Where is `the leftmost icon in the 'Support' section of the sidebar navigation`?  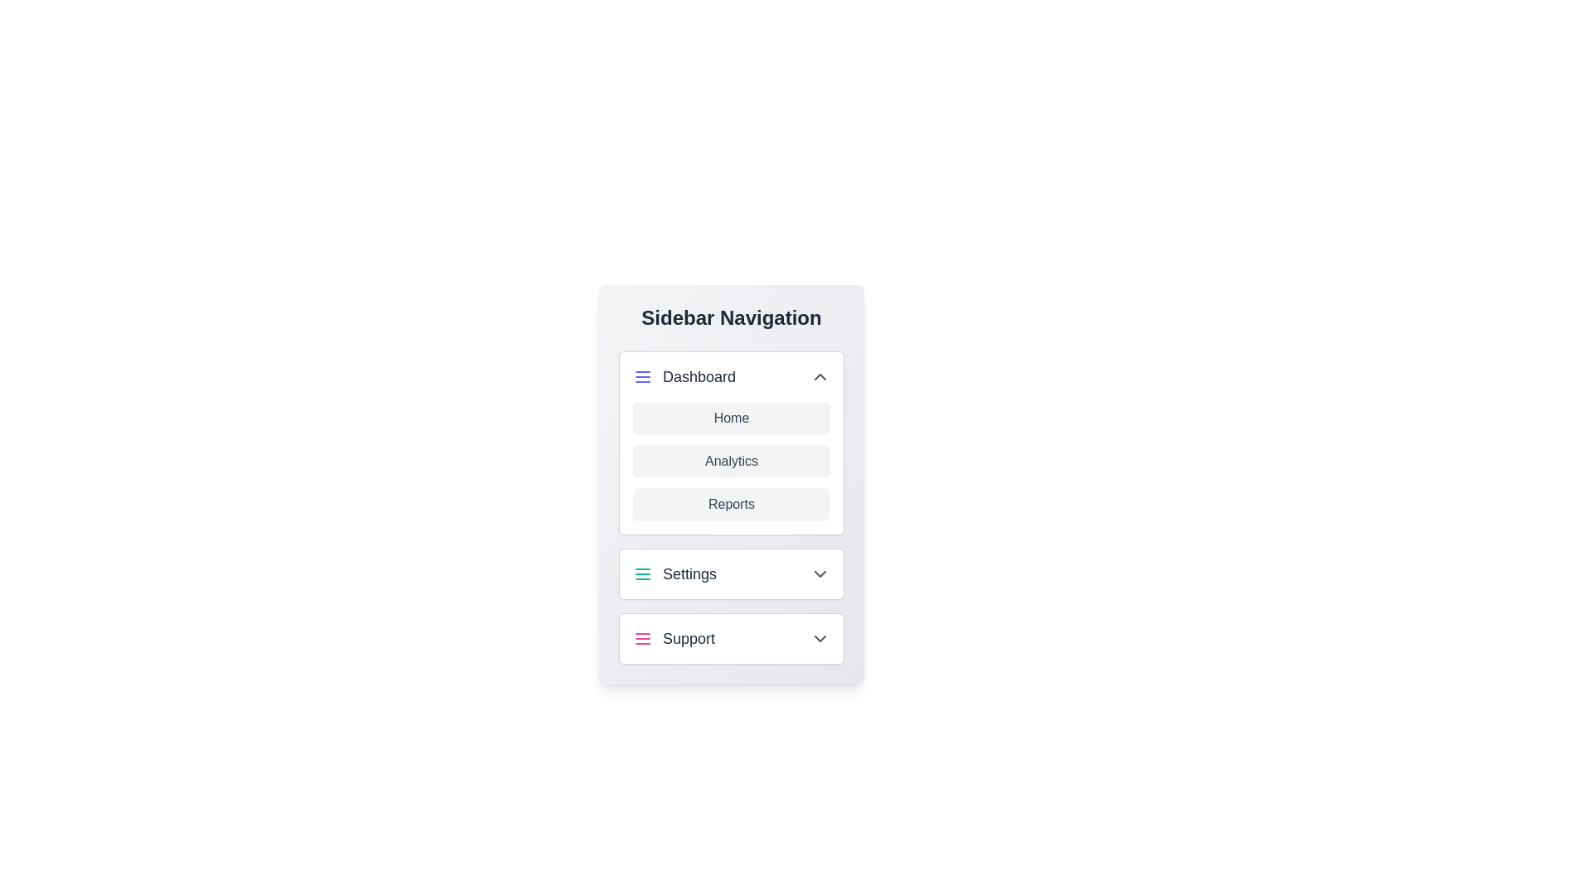 the leftmost icon in the 'Support' section of the sidebar navigation is located at coordinates (642, 638).